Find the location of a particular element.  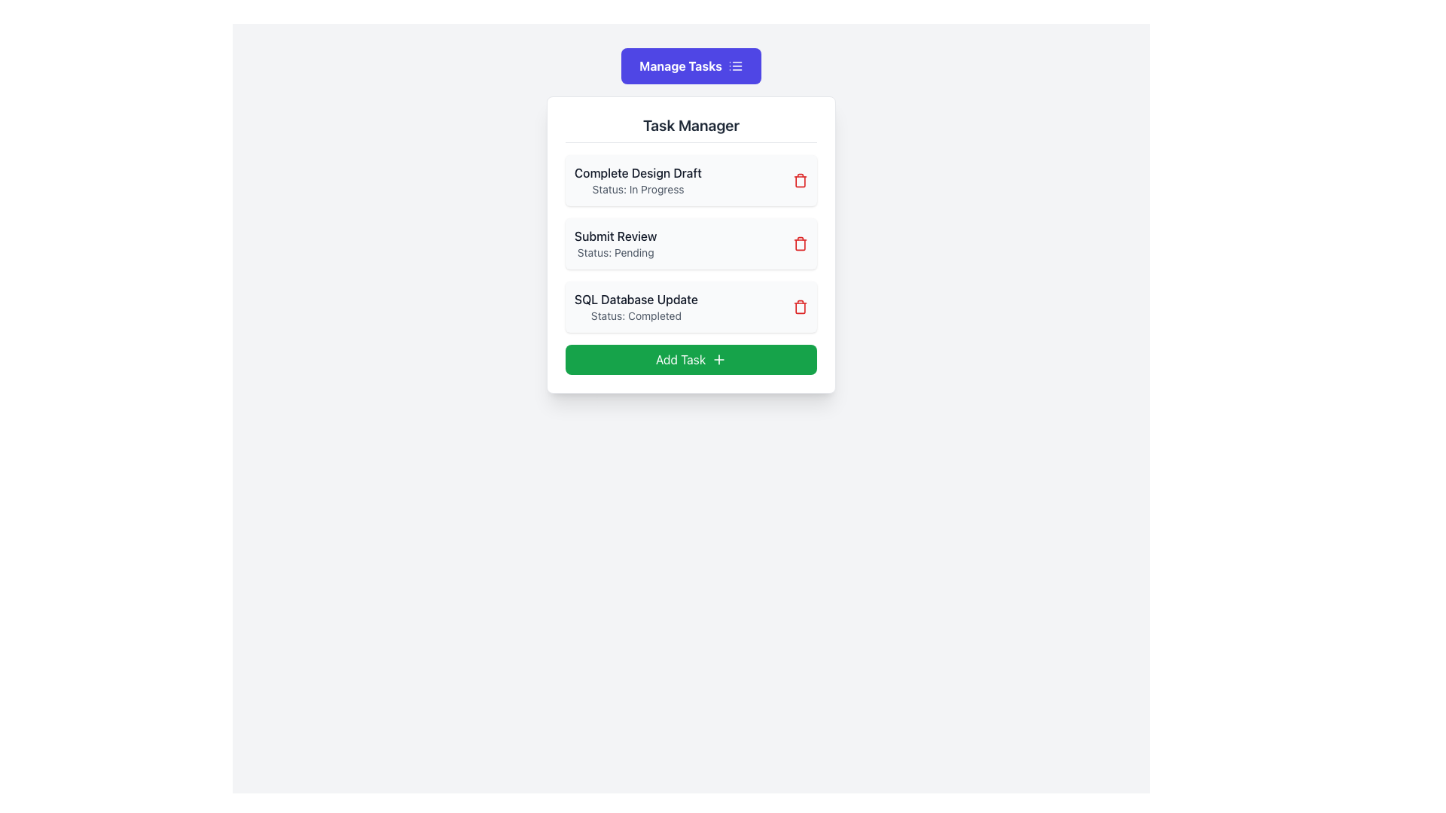

the delete icon button located to the right of the 'Submit Review' task entry is located at coordinates (799, 243).